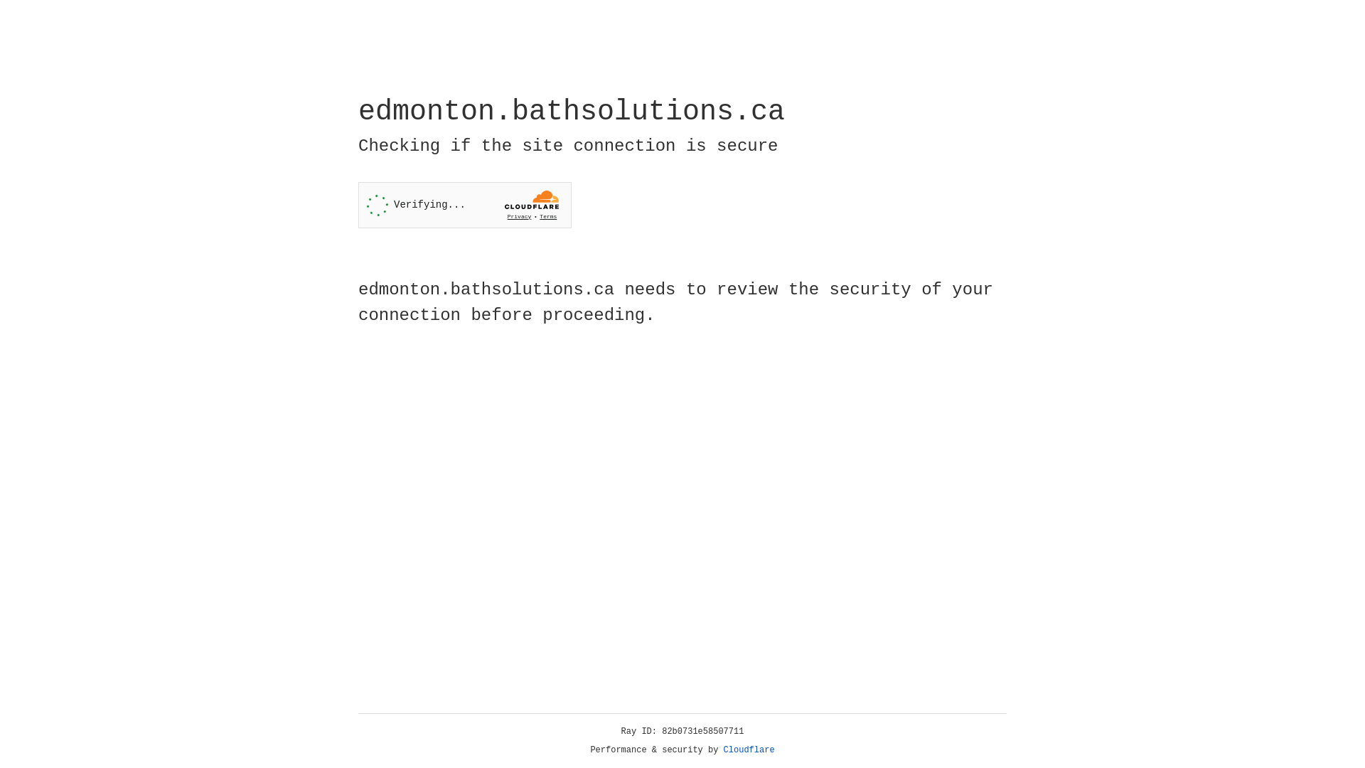 Image resolution: width=1365 pixels, height=768 pixels. Describe the element at coordinates (464, 205) in the screenshot. I see `'Widget containing a Cloudflare security challenge'` at that location.